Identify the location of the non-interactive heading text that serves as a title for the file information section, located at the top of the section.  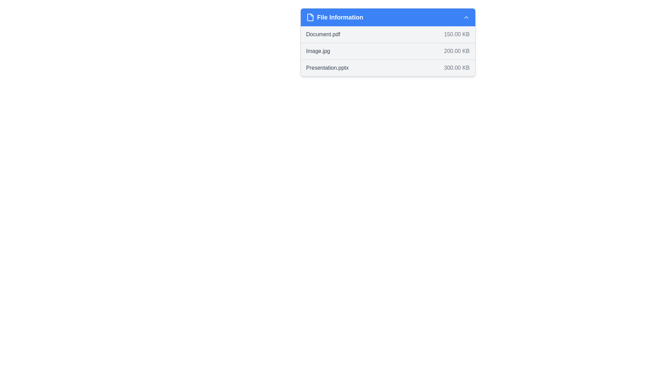
(340, 17).